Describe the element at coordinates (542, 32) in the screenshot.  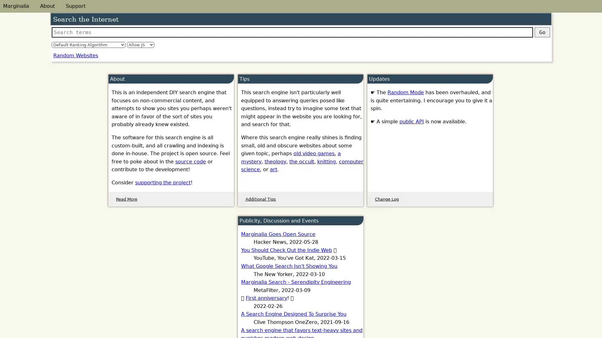
I see `Go` at that location.